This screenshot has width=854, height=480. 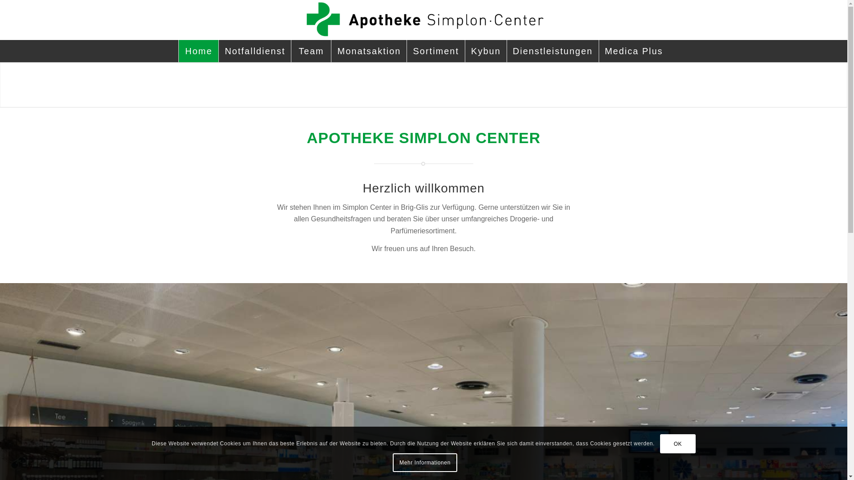 What do you see at coordinates (423, 20) in the screenshot?
I see `'logo'` at bounding box center [423, 20].